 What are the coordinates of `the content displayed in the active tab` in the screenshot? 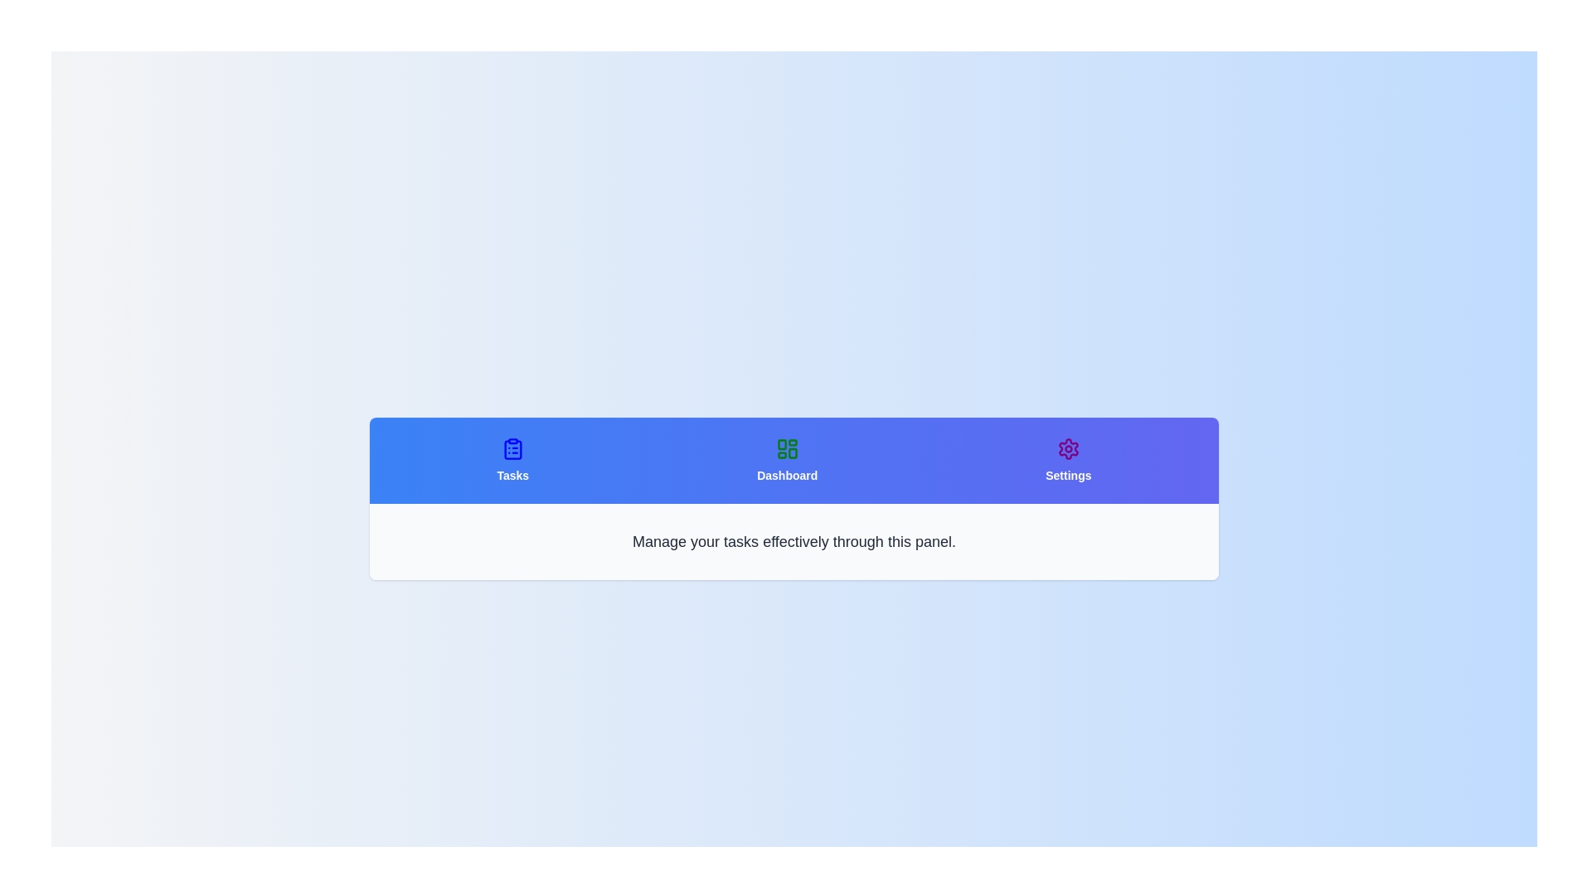 It's located at (794, 542).